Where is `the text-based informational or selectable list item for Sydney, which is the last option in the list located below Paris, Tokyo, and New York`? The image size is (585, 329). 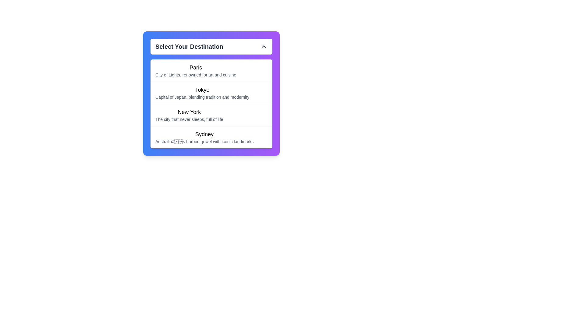 the text-based informational or selectable list item for Sydney, which is the last option in the list located below Paris, Tokyo, and New York is located at coordinates (204, 137).